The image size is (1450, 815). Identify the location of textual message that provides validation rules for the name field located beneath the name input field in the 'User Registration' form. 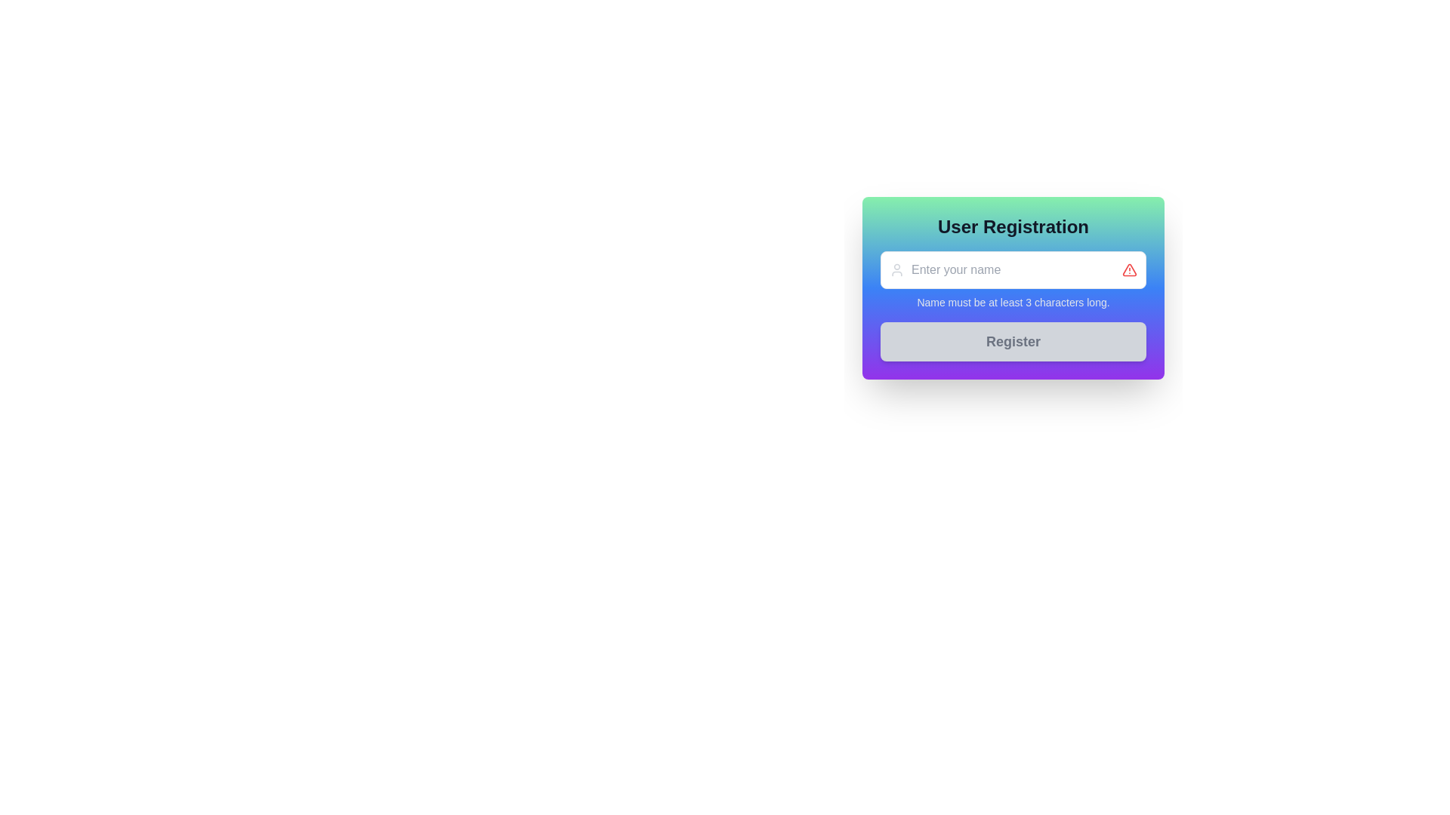
(1013, 303).